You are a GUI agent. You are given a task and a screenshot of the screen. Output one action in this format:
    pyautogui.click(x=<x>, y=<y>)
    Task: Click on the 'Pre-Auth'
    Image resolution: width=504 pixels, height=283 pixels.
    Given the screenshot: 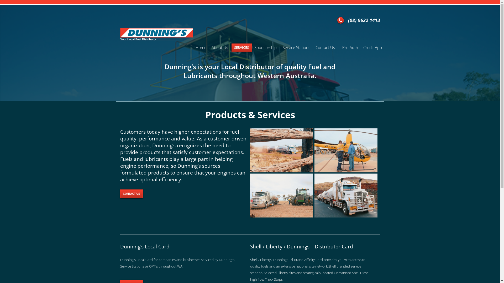 What is the action you would take?
    pyautogui.click(x=350, y=47)
    